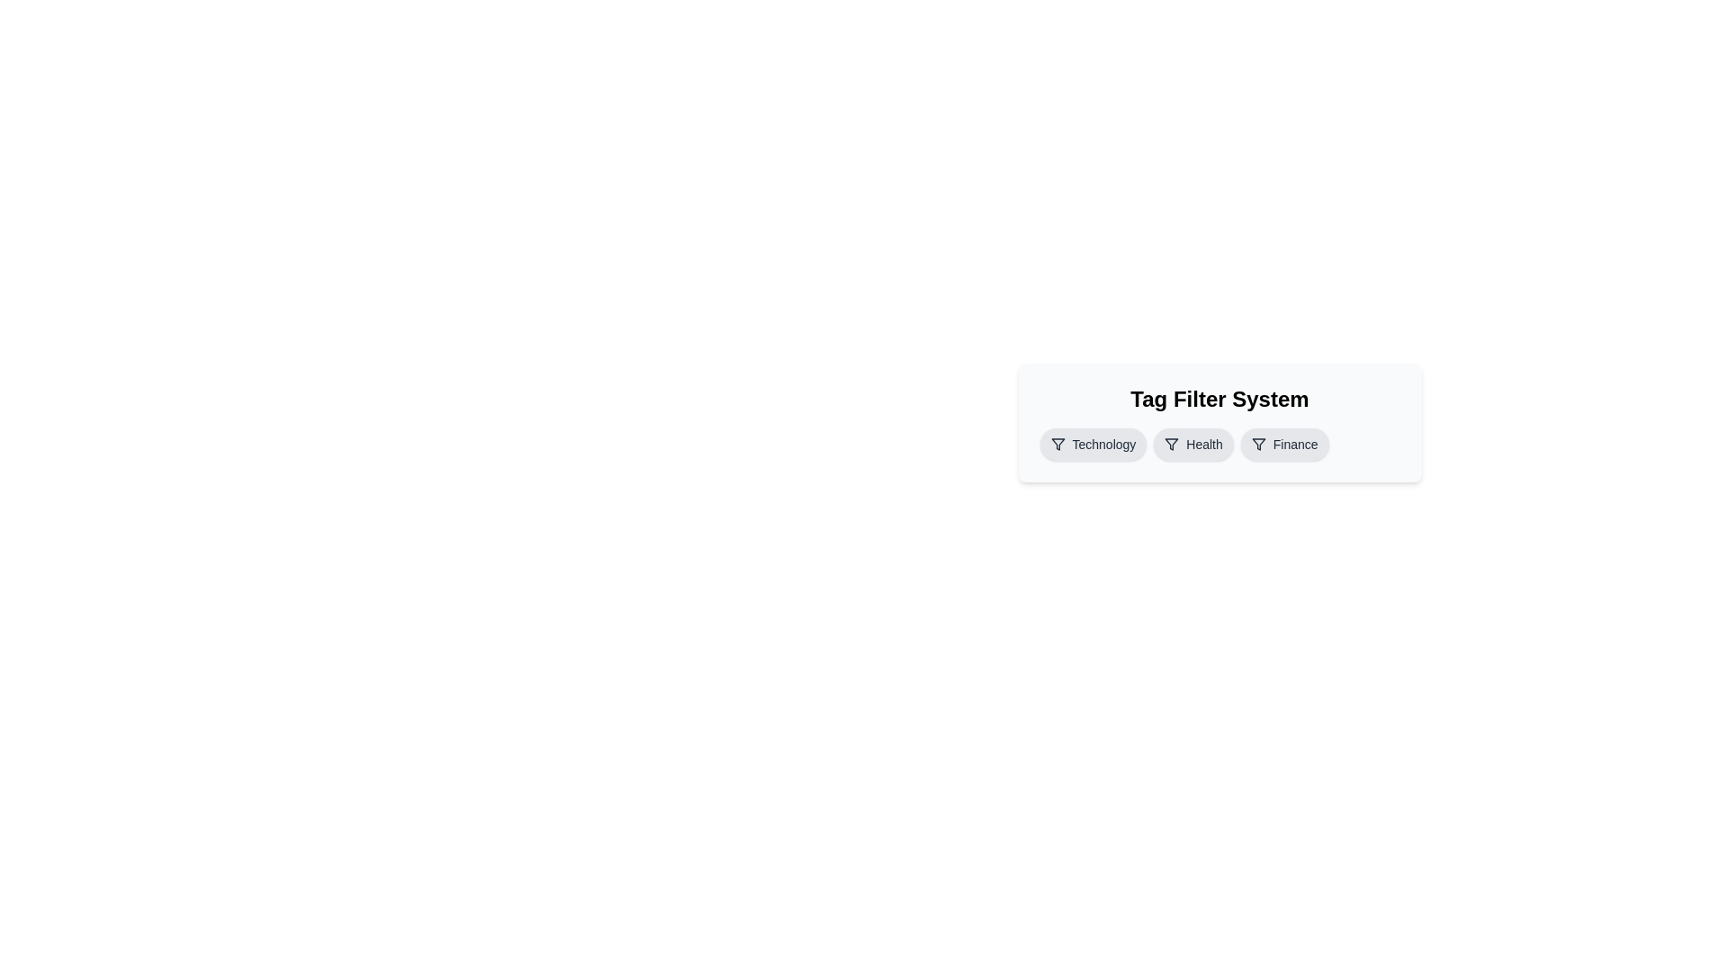 This screenshot has height=972, width=1728. I want to click on the tag labeled Finance to inspect its label, so click(1283, 444).